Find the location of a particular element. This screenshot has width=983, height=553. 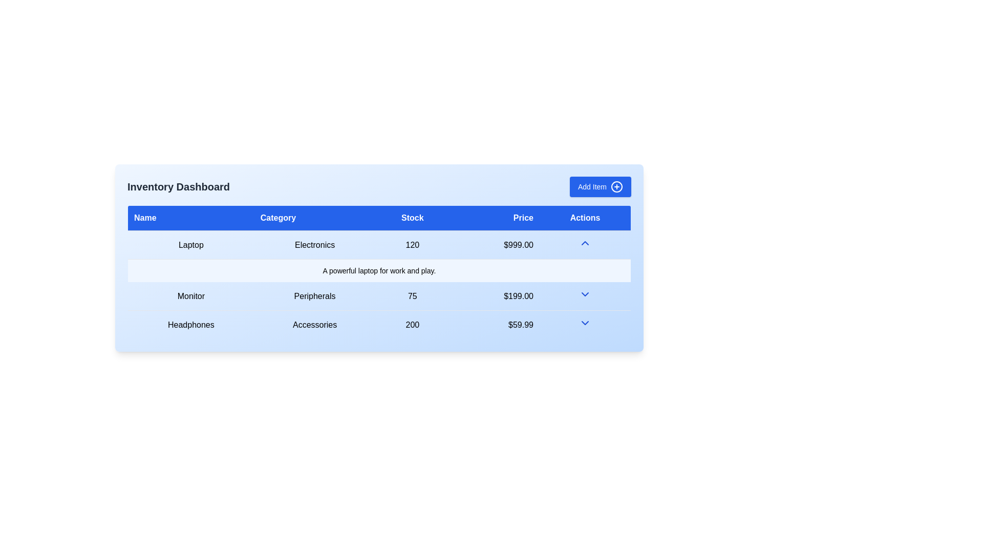

the downward-pointing blue chevron icon in the 'Actions' column of the second row in the table is located at coordinates (585, 294).